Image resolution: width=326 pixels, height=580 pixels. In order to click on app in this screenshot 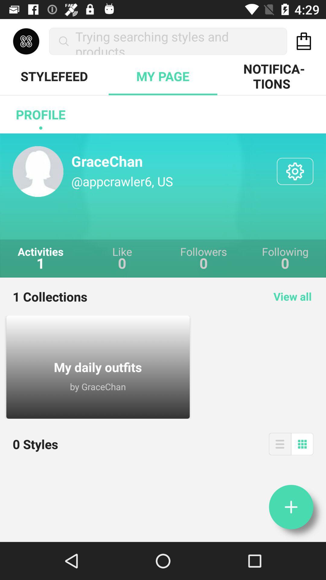, I will do `click(291, 507)`.